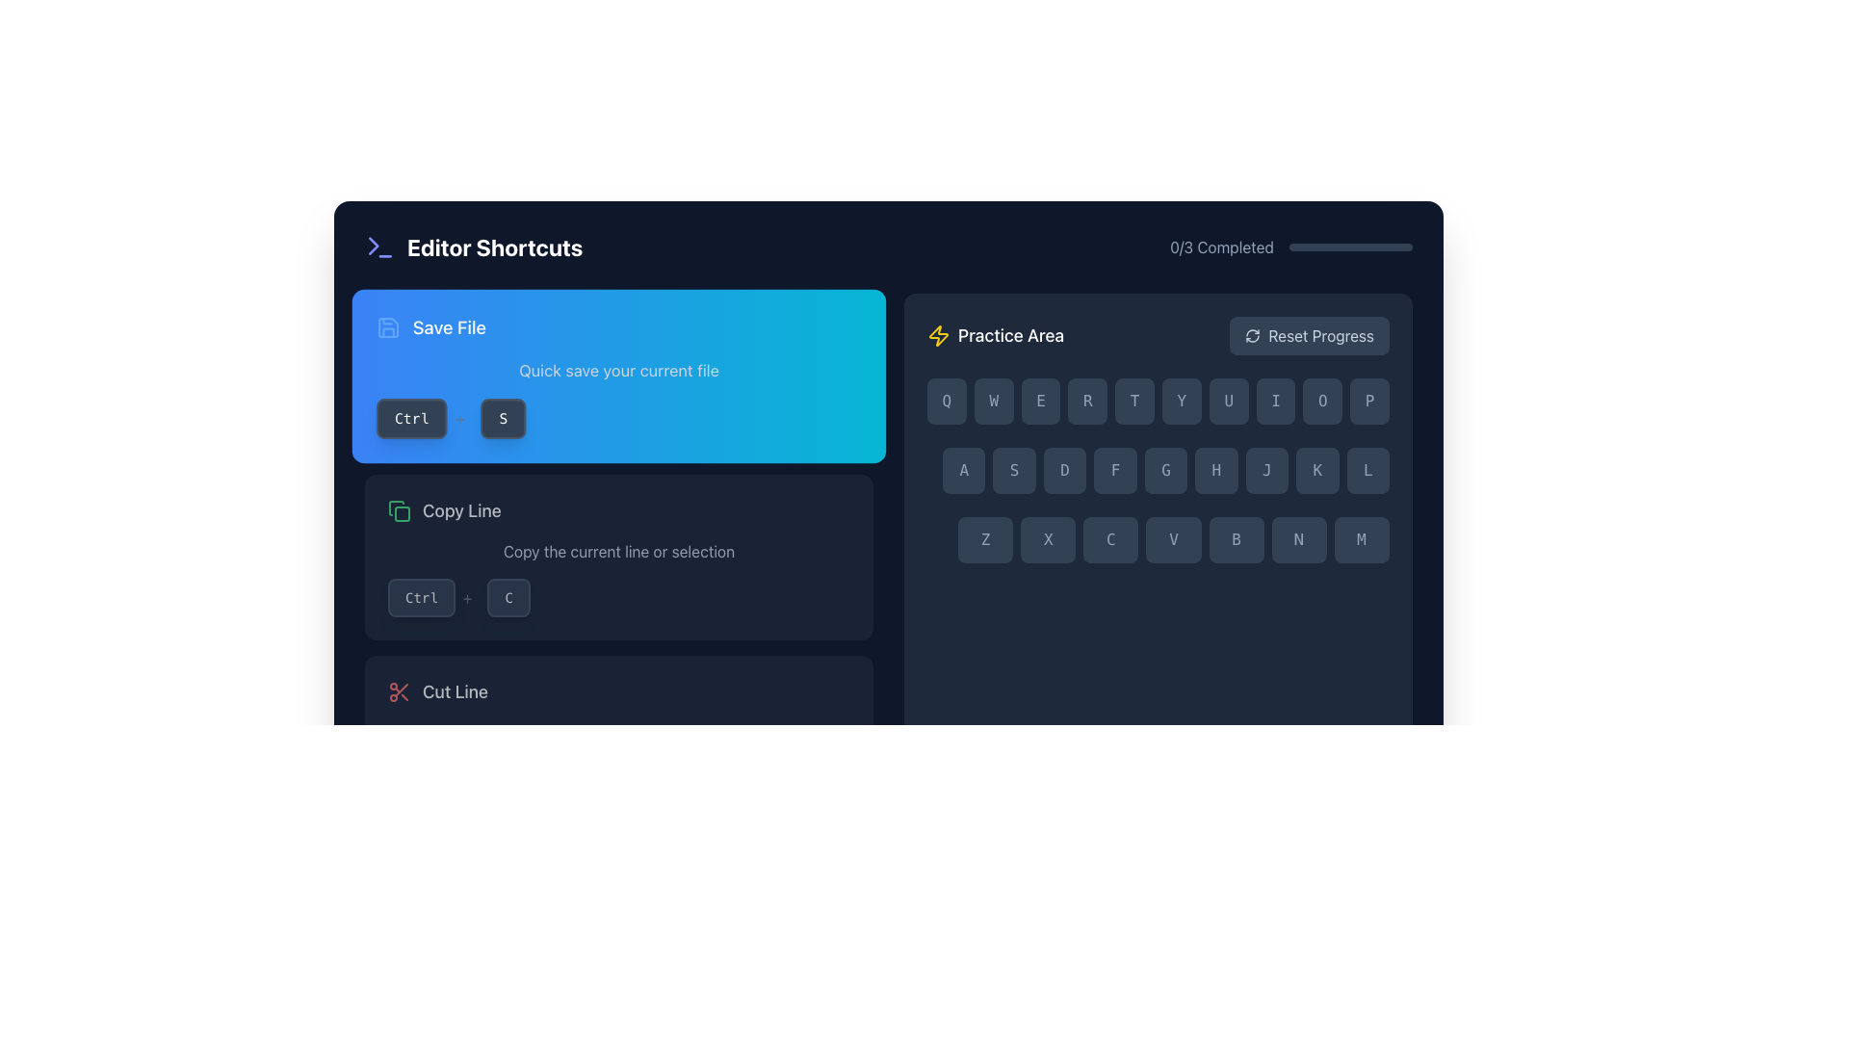  I want to click on the 'O' key on the virtual keyboard, so click(1321, 400).